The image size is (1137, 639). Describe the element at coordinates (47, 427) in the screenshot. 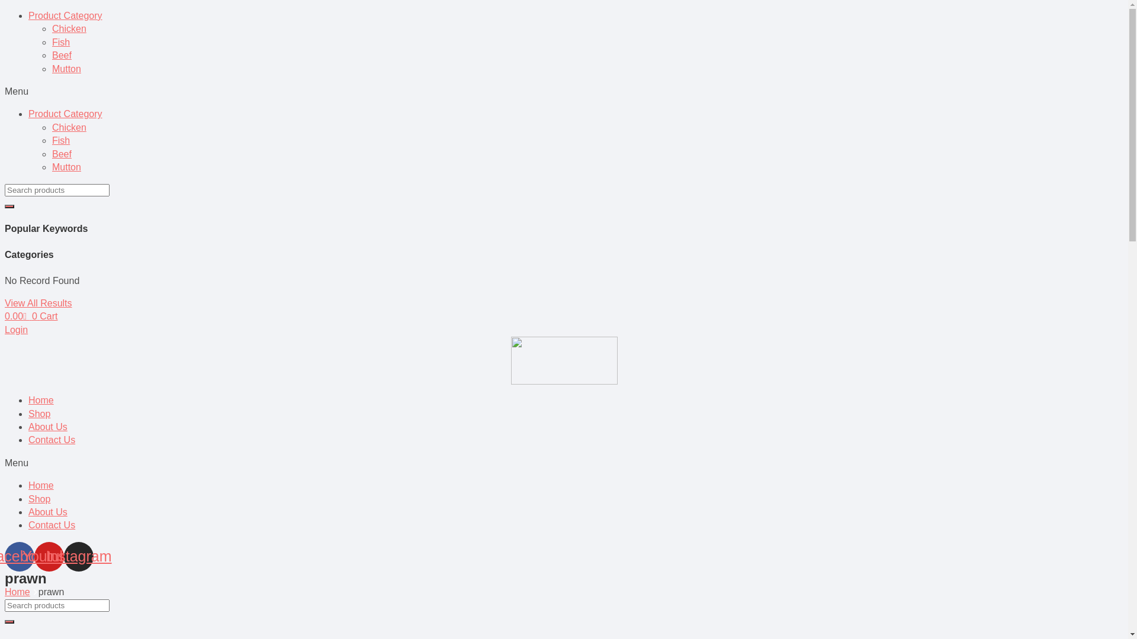

I see `'About Us'` at that location.